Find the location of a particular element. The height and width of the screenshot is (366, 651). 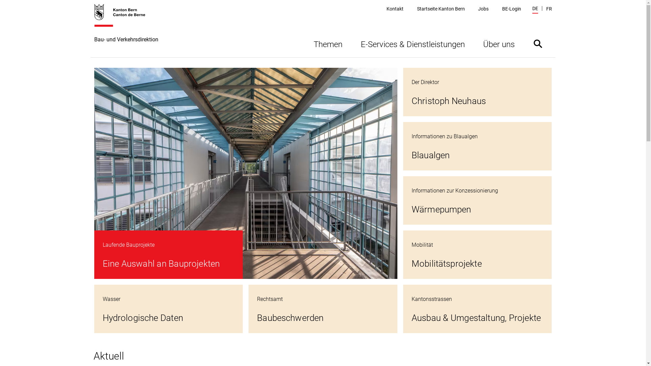

'Startseite Kanton Bern' is located at coordinates (441, 9).